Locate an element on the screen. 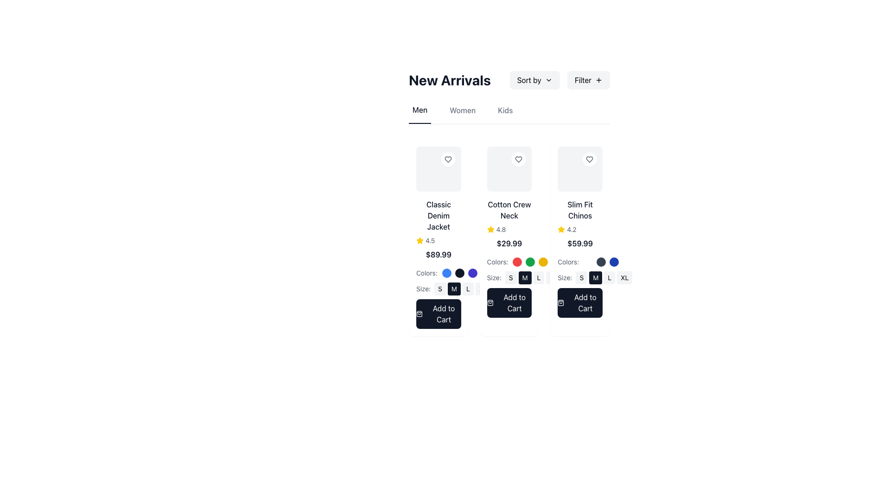 The image size is (890, 501). the shopping bag icon within the 'Add to Cart' button of the first product card is located at coordinates (419, 313).